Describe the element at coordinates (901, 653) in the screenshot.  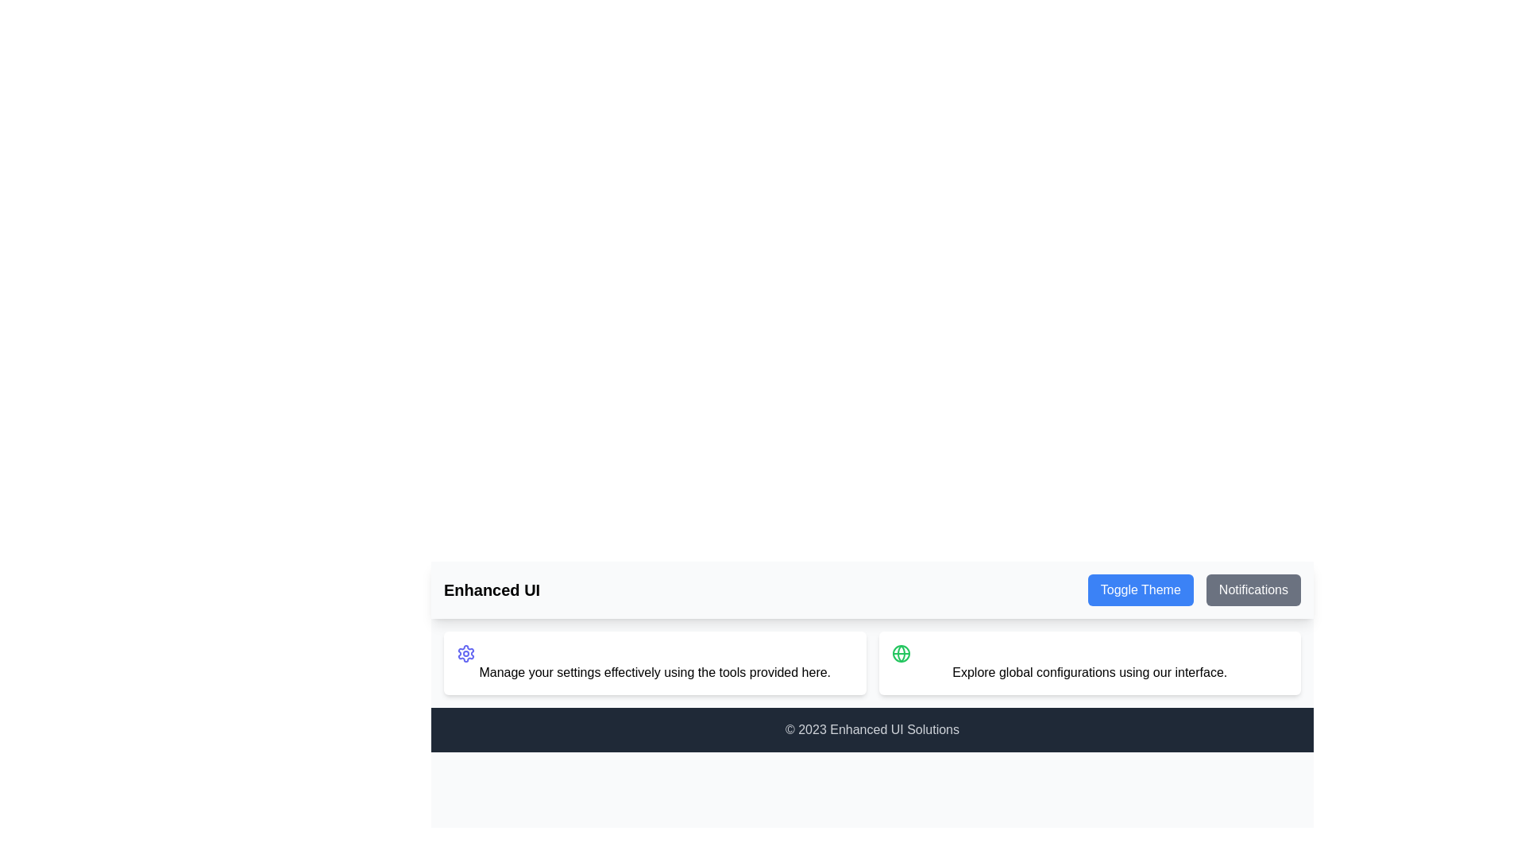
I see `the vector globe illustration icon located in the lower right quadrant of the interface, which is positioned to the left of the text 'Explore global configurations using our interface.'` at that location.